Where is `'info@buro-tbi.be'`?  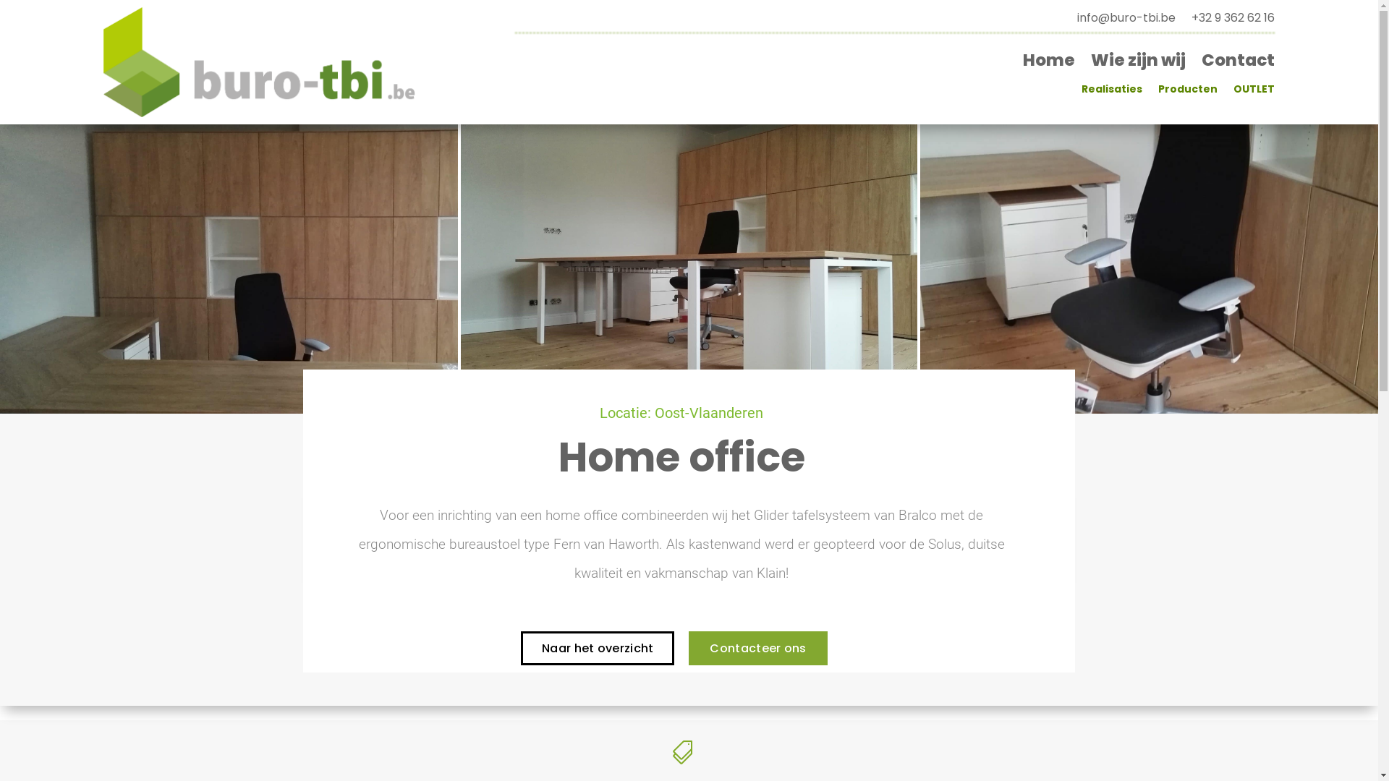 'info@buro-tbi.be' is located at coordinates (1125, 21).